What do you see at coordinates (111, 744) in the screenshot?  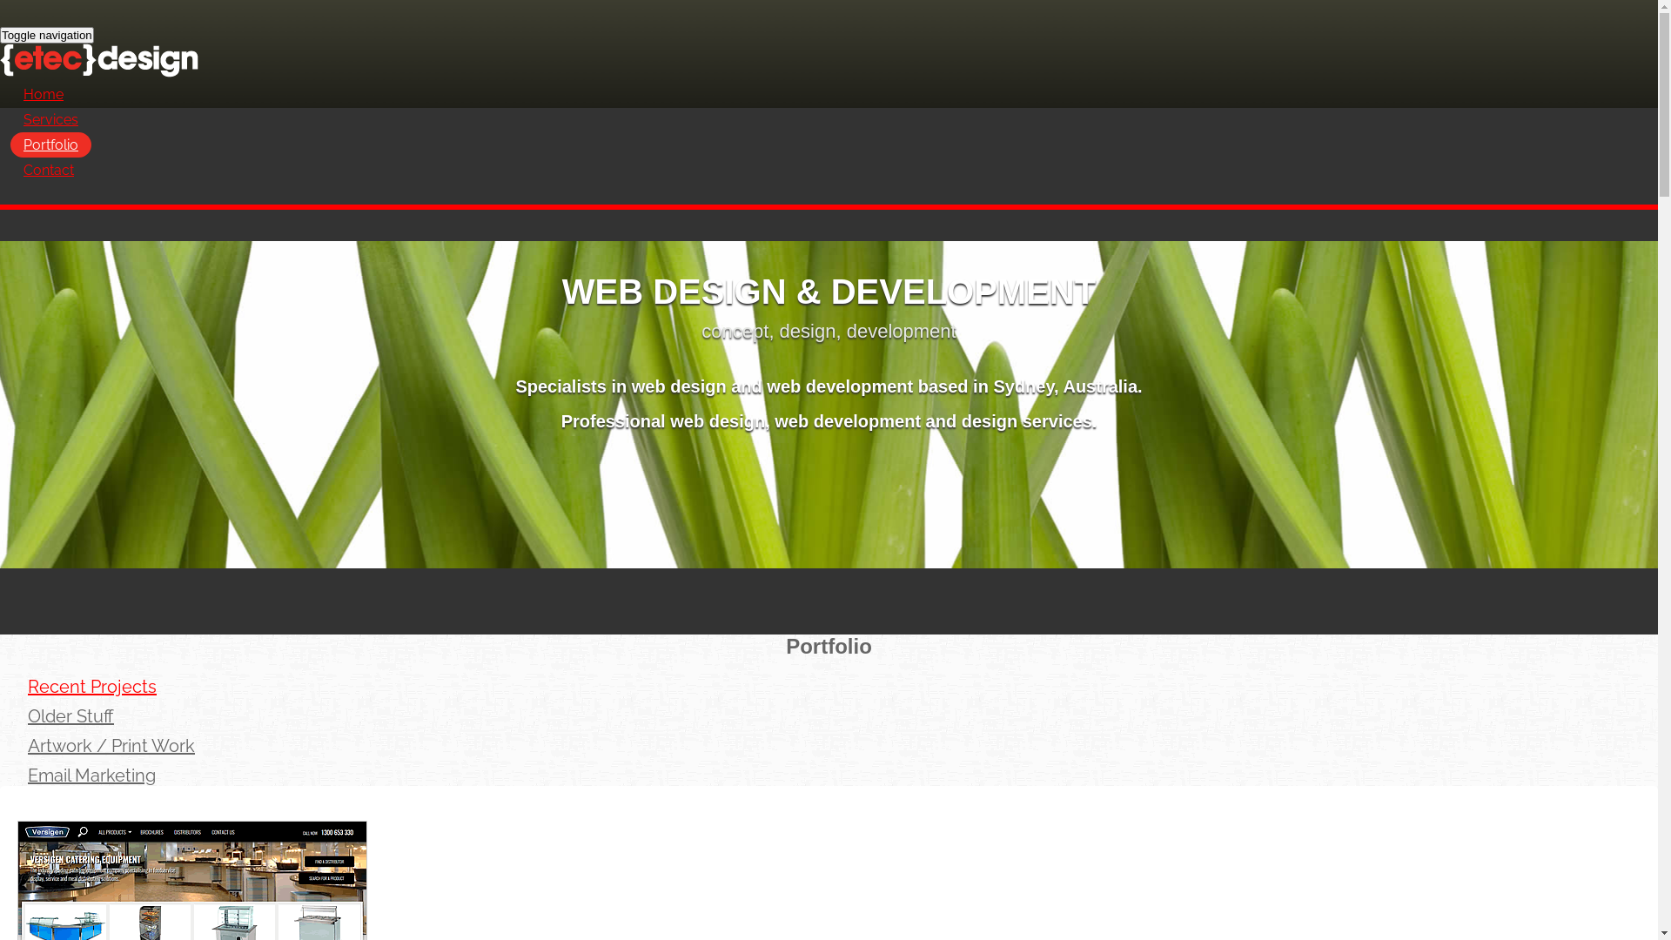 I see `'Artwork / Print Work'` at bounding box center [111, 744].